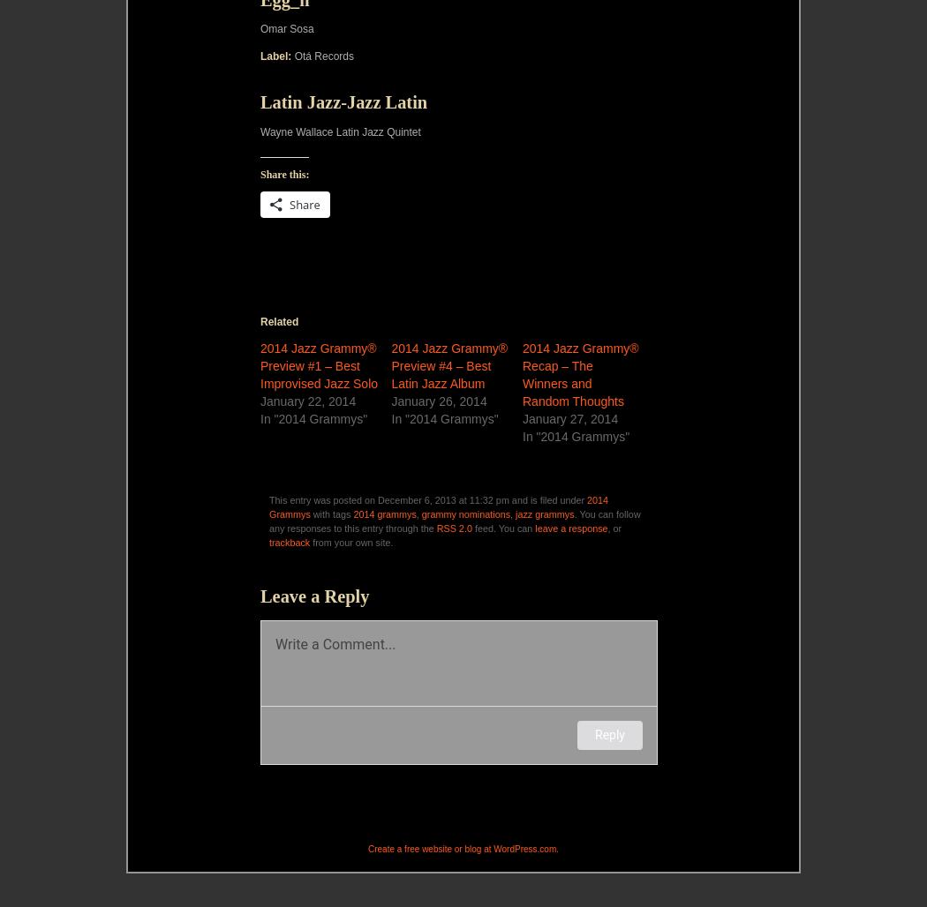 Image resolution: width=927 pixels, height=907 pixels. Describe the element at coordinates (284, 173) in the screenshot. I see `'Share this:'` at that location.